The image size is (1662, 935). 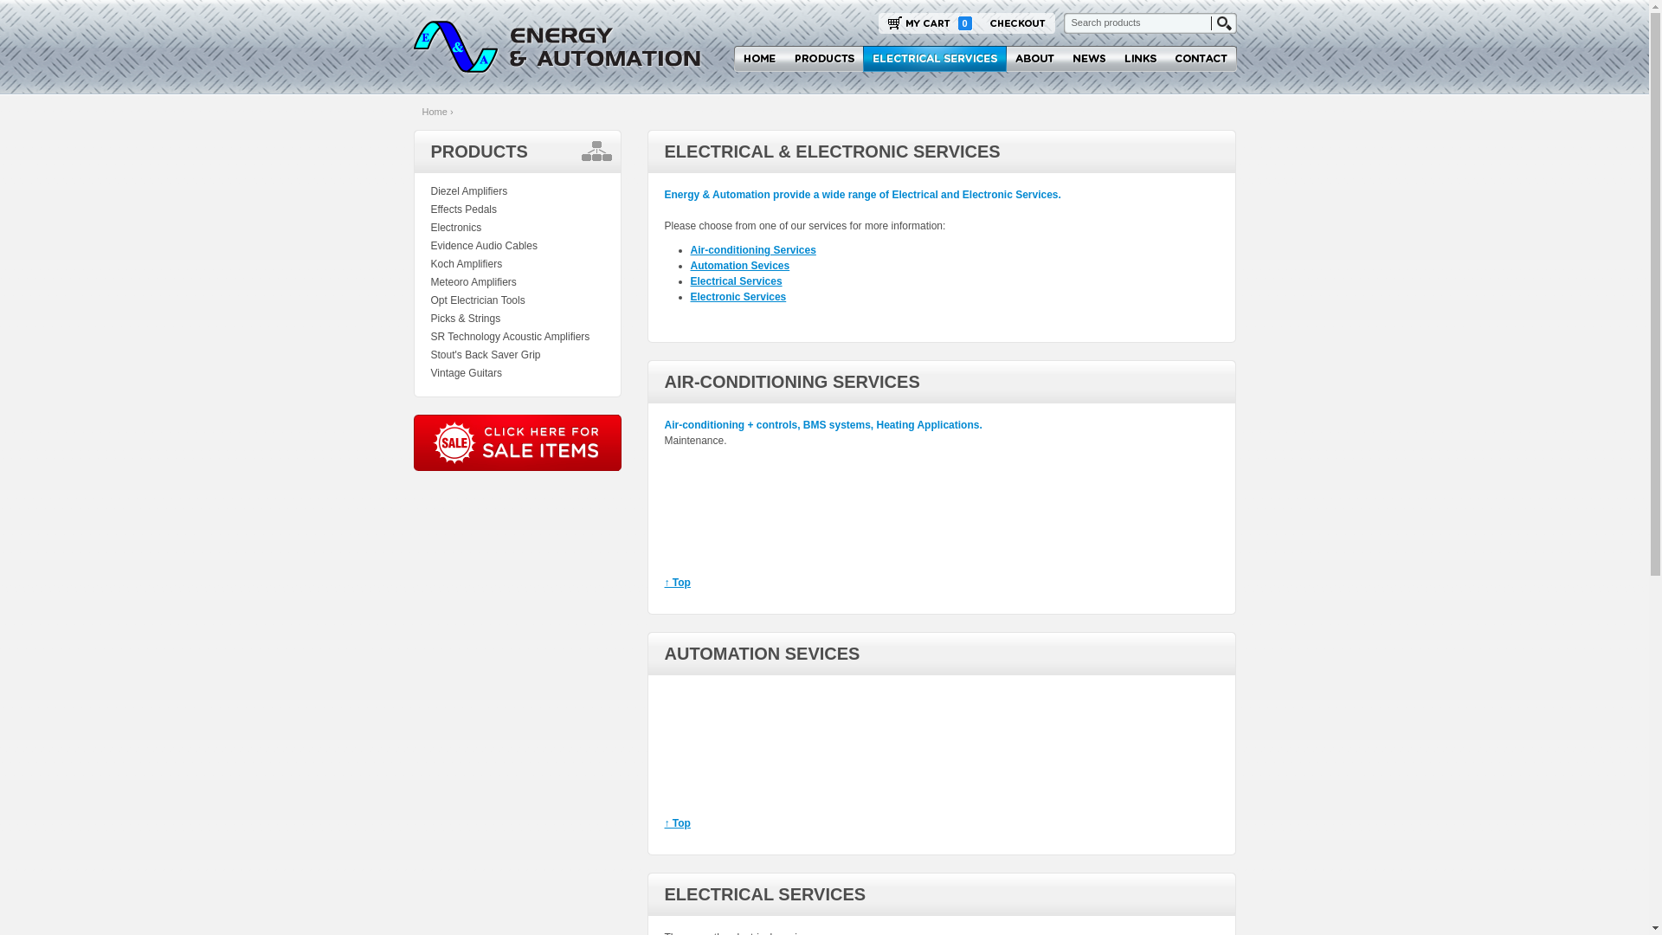 I want to click on 'Effects Pedals', so click(x=463, y=209).